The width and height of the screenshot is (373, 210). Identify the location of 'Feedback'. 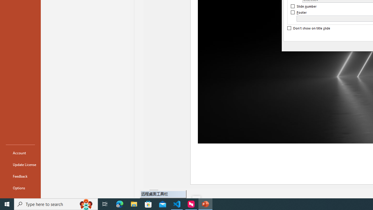
(20, 176).